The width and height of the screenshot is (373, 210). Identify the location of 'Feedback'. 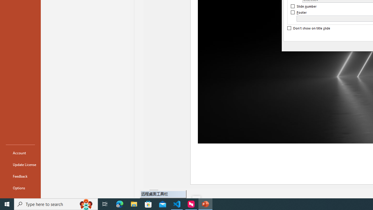
(20, 176).